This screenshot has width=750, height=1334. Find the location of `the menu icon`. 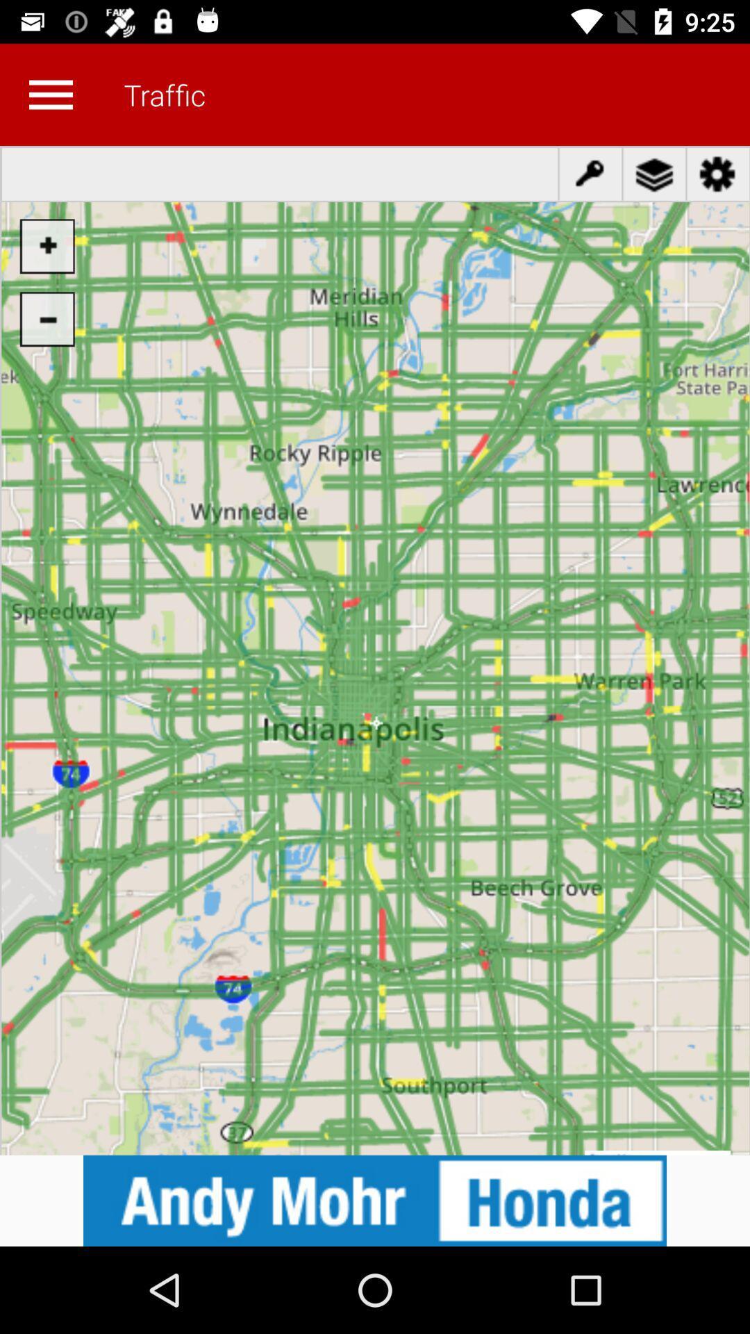

the menu icon is located at coordinates (50, 94).